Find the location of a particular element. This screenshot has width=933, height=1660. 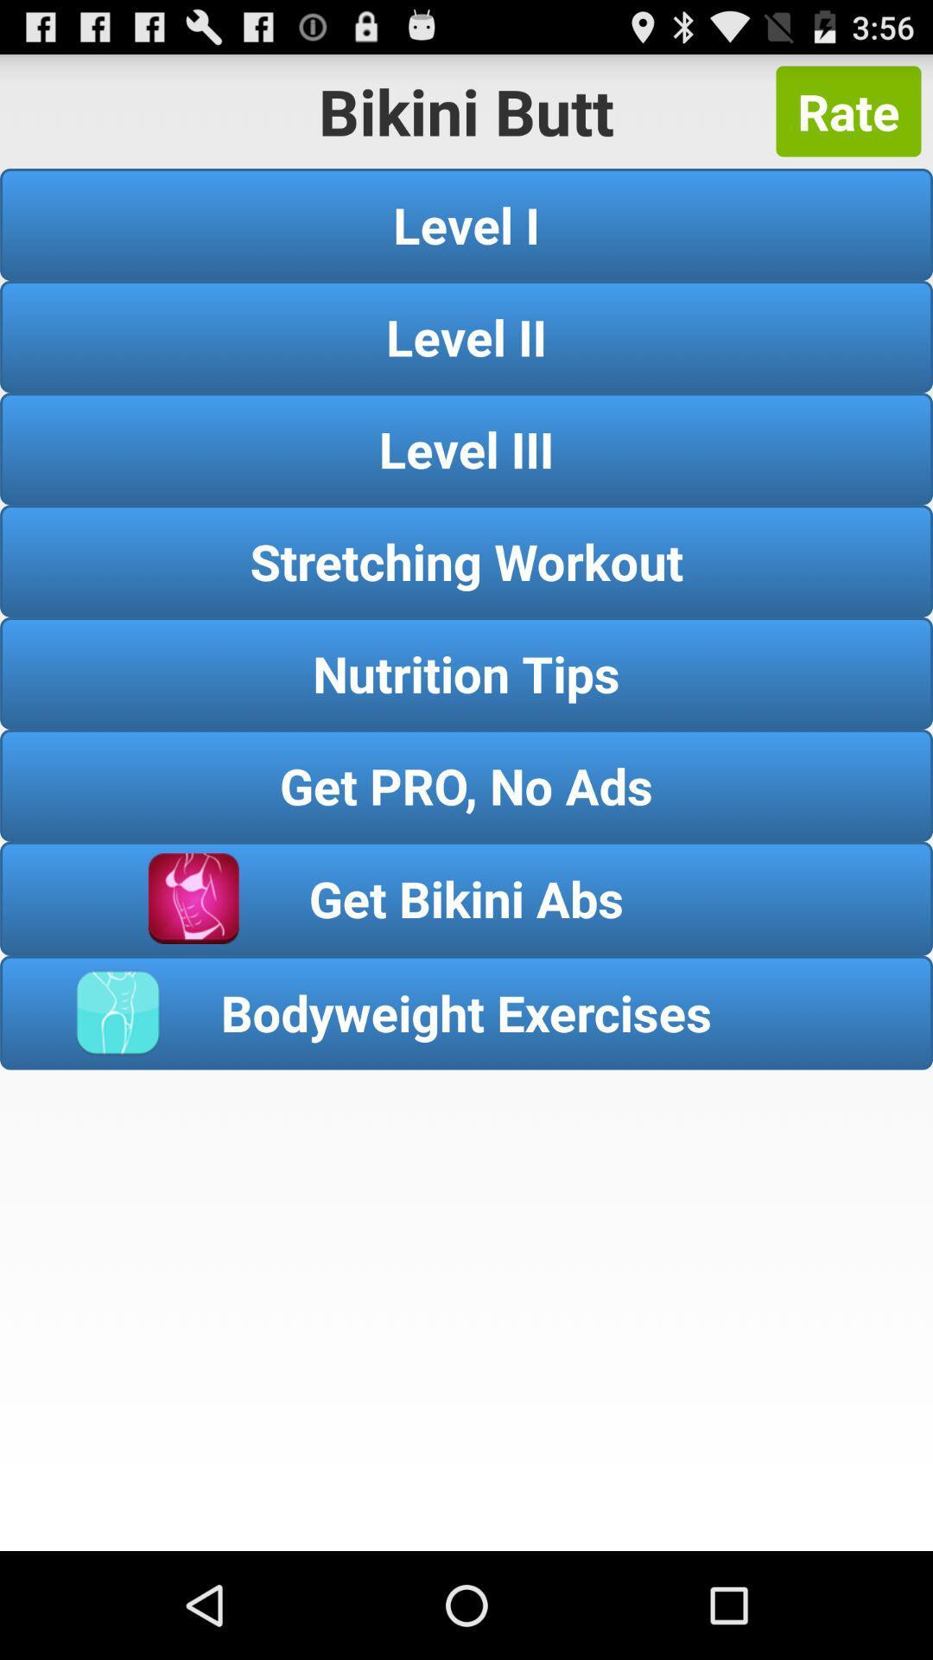

item above the level i item is located at coordinates (847, 111).